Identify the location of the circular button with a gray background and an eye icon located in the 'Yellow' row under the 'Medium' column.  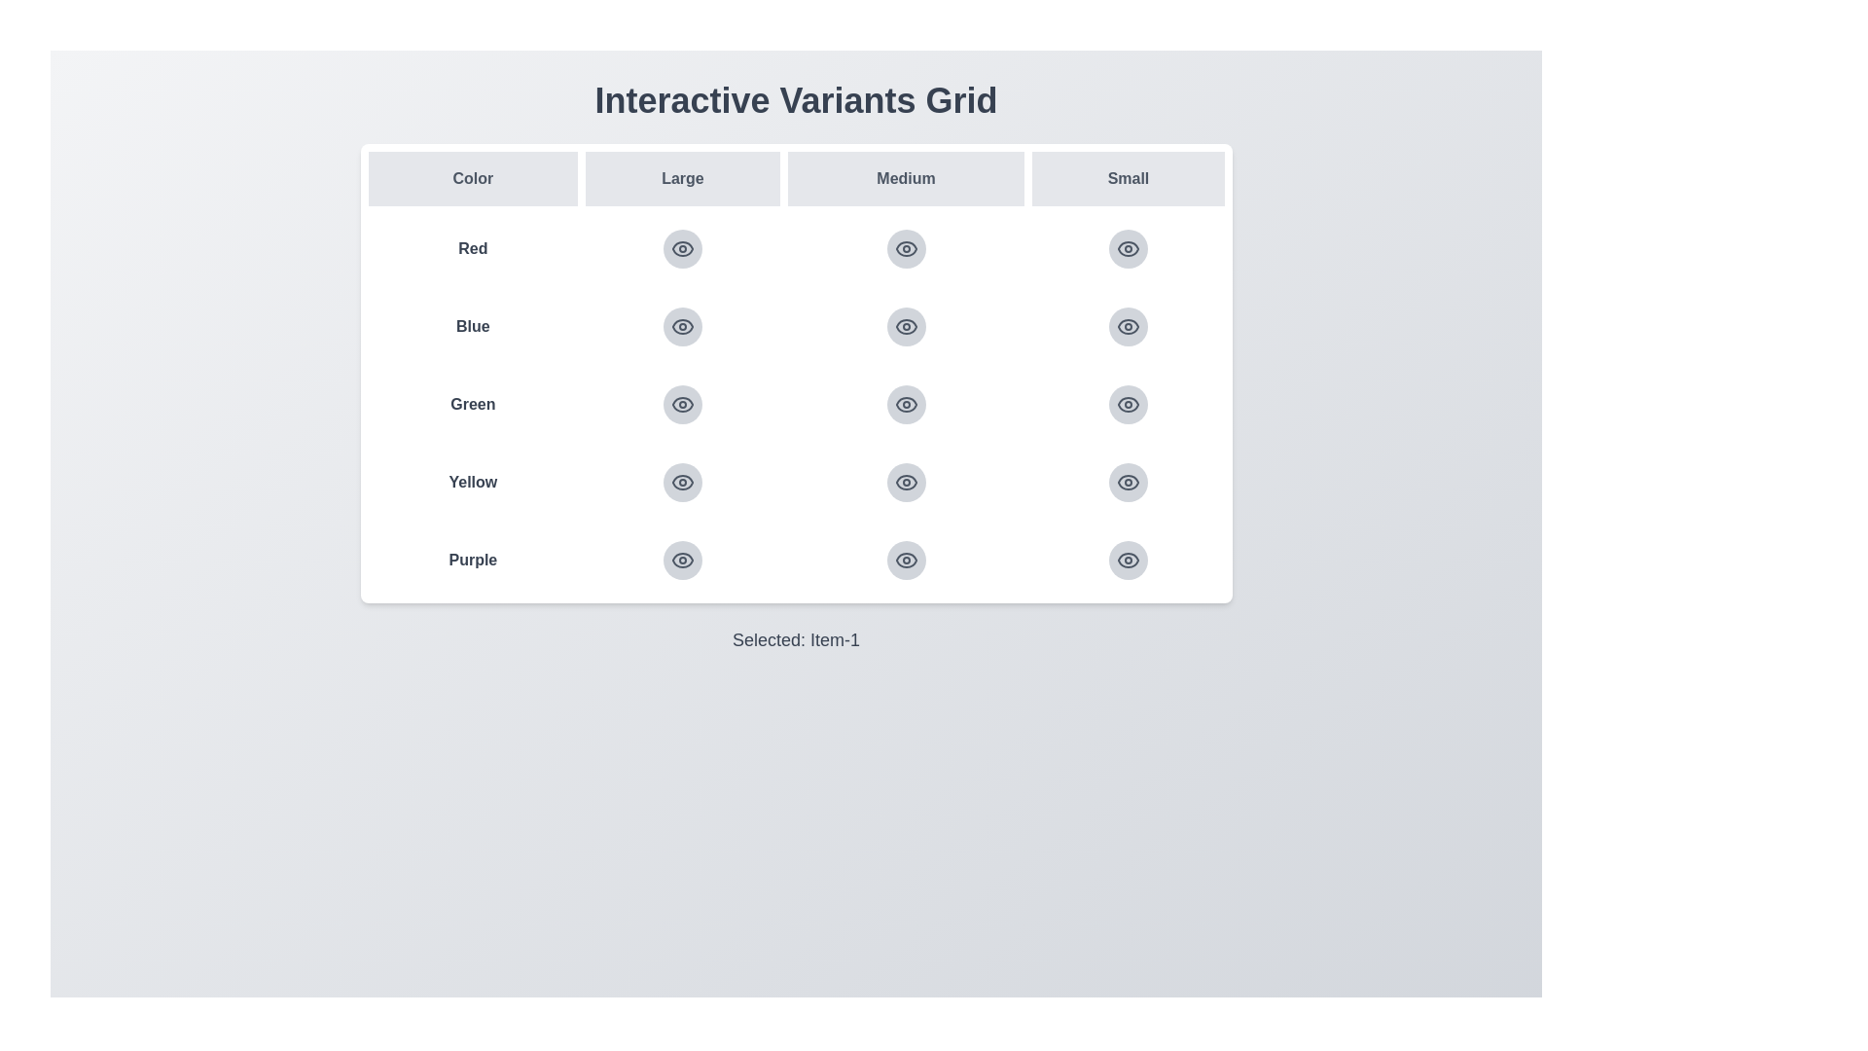
(905, 482).